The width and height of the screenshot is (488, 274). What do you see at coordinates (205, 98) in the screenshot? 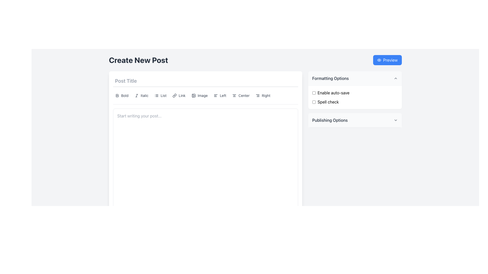
I see `the button in the text manipulation toolbar to apply the corresponding formatting option` at bounding box center [205, 98].